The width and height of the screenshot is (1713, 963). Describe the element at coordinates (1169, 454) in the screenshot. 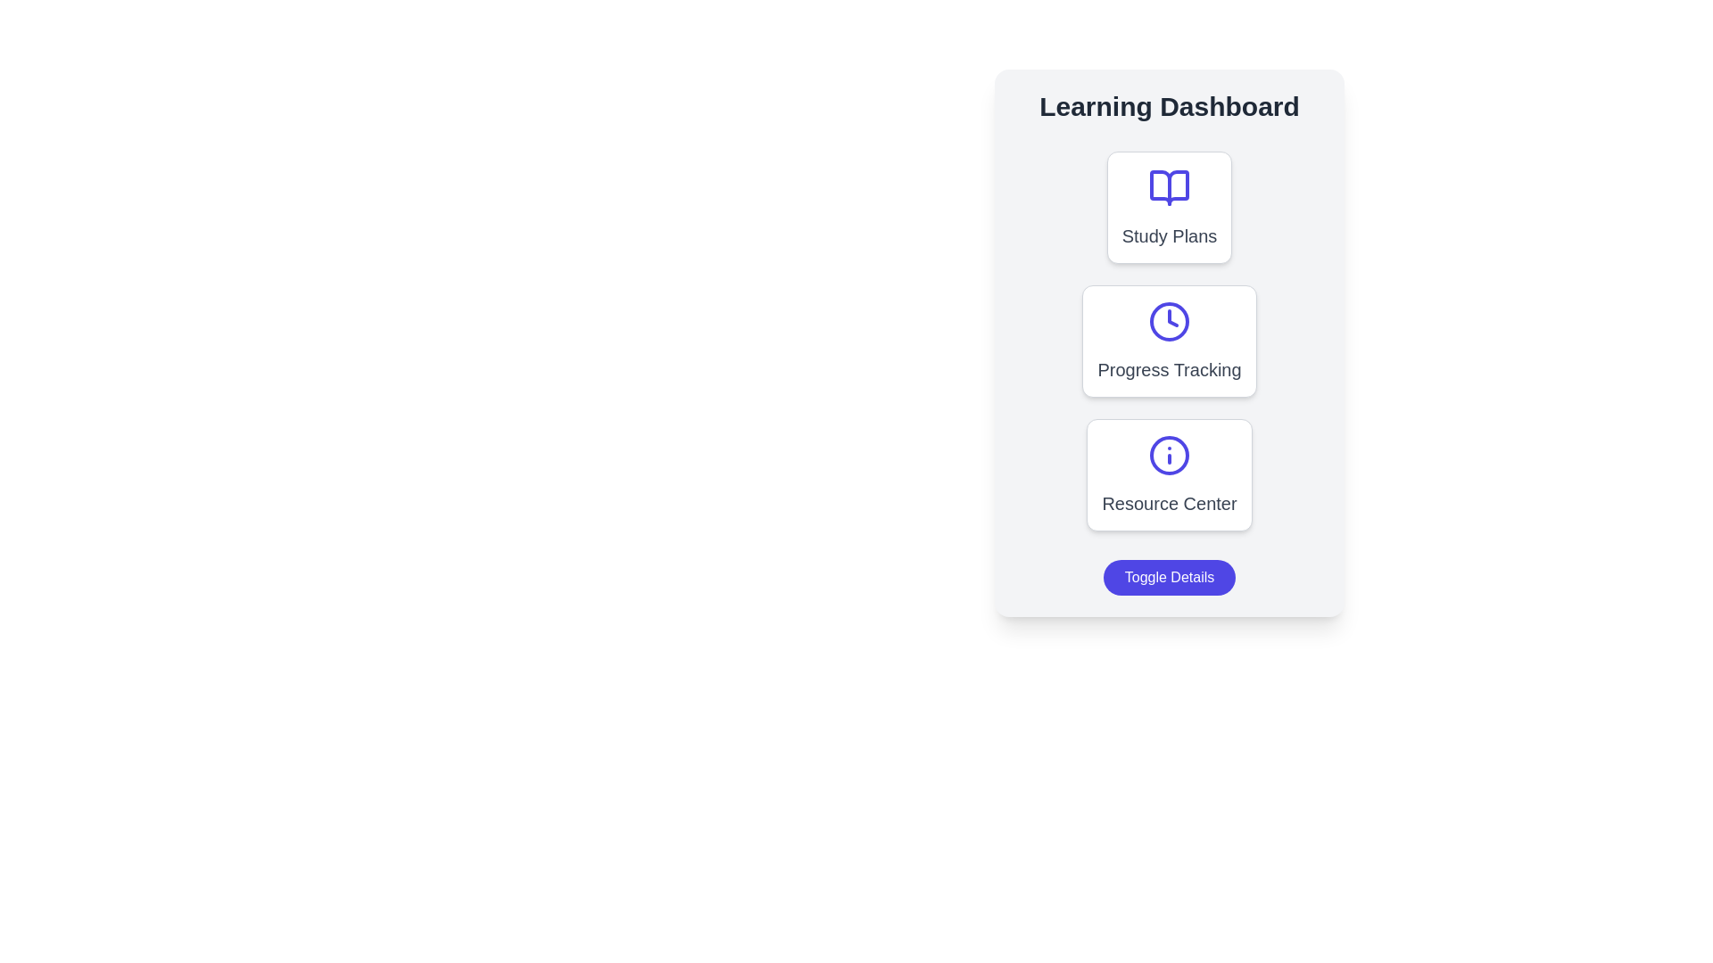

I see `the blue circle icon located in the third row of the Learning Dashboard interface` at that location.